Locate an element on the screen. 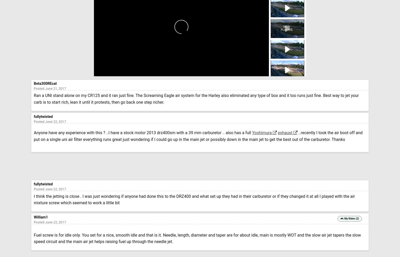 The height and width of the screenshot is (257, 400). 'William1' is located at coordinates (40, 217).